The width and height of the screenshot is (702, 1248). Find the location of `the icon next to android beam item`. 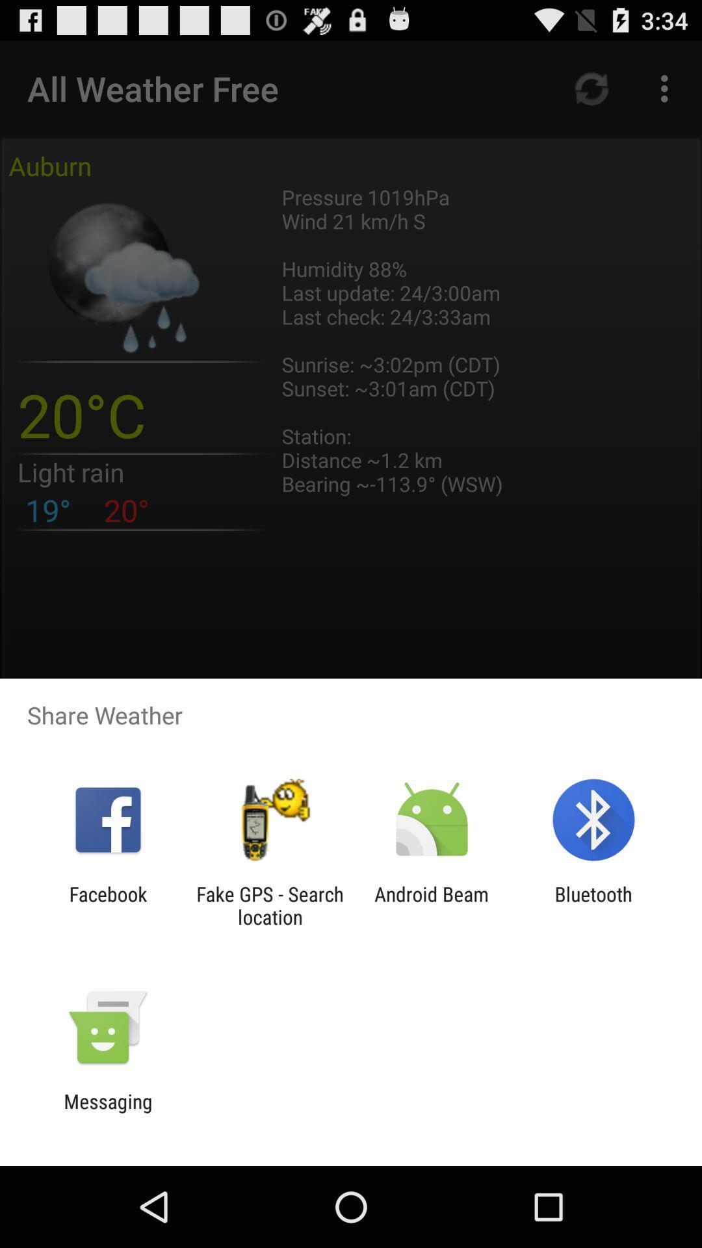

the icon next to android beam item is located at coordinates (593, 905).